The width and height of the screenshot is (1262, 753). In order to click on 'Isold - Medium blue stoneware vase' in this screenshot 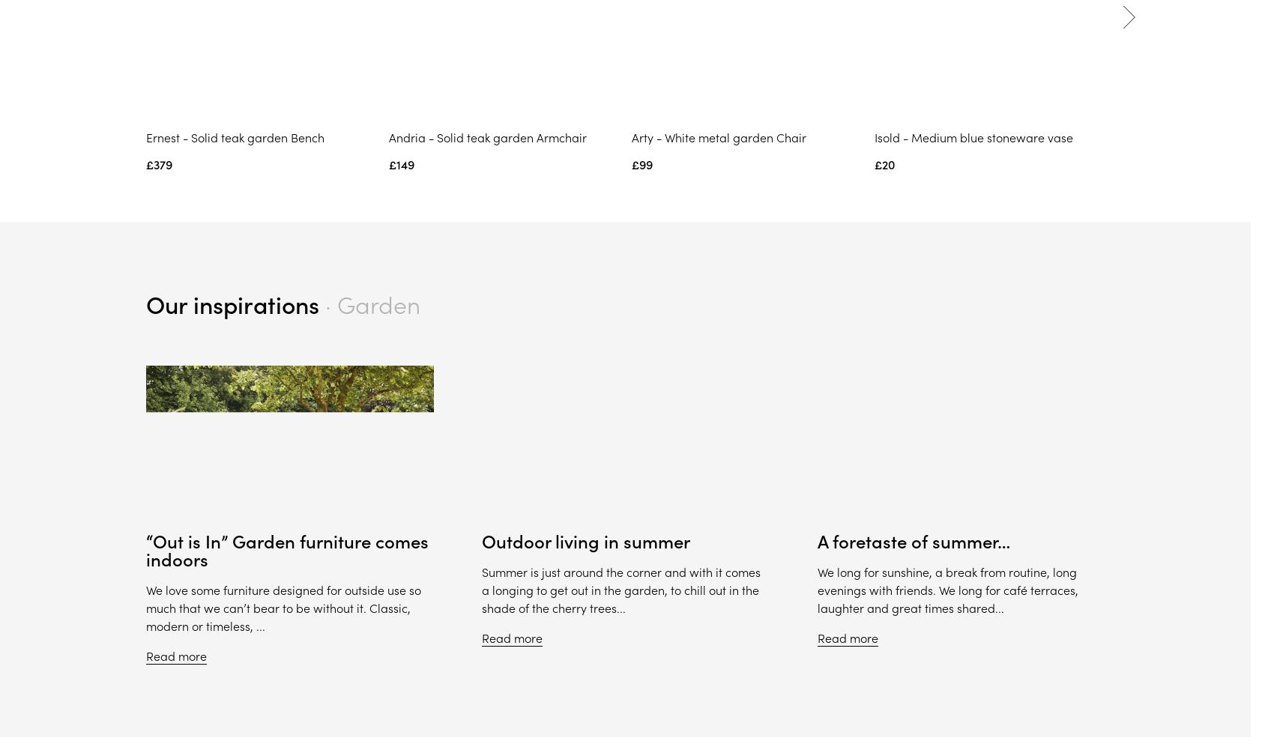, I will do `click(972, 137)`.